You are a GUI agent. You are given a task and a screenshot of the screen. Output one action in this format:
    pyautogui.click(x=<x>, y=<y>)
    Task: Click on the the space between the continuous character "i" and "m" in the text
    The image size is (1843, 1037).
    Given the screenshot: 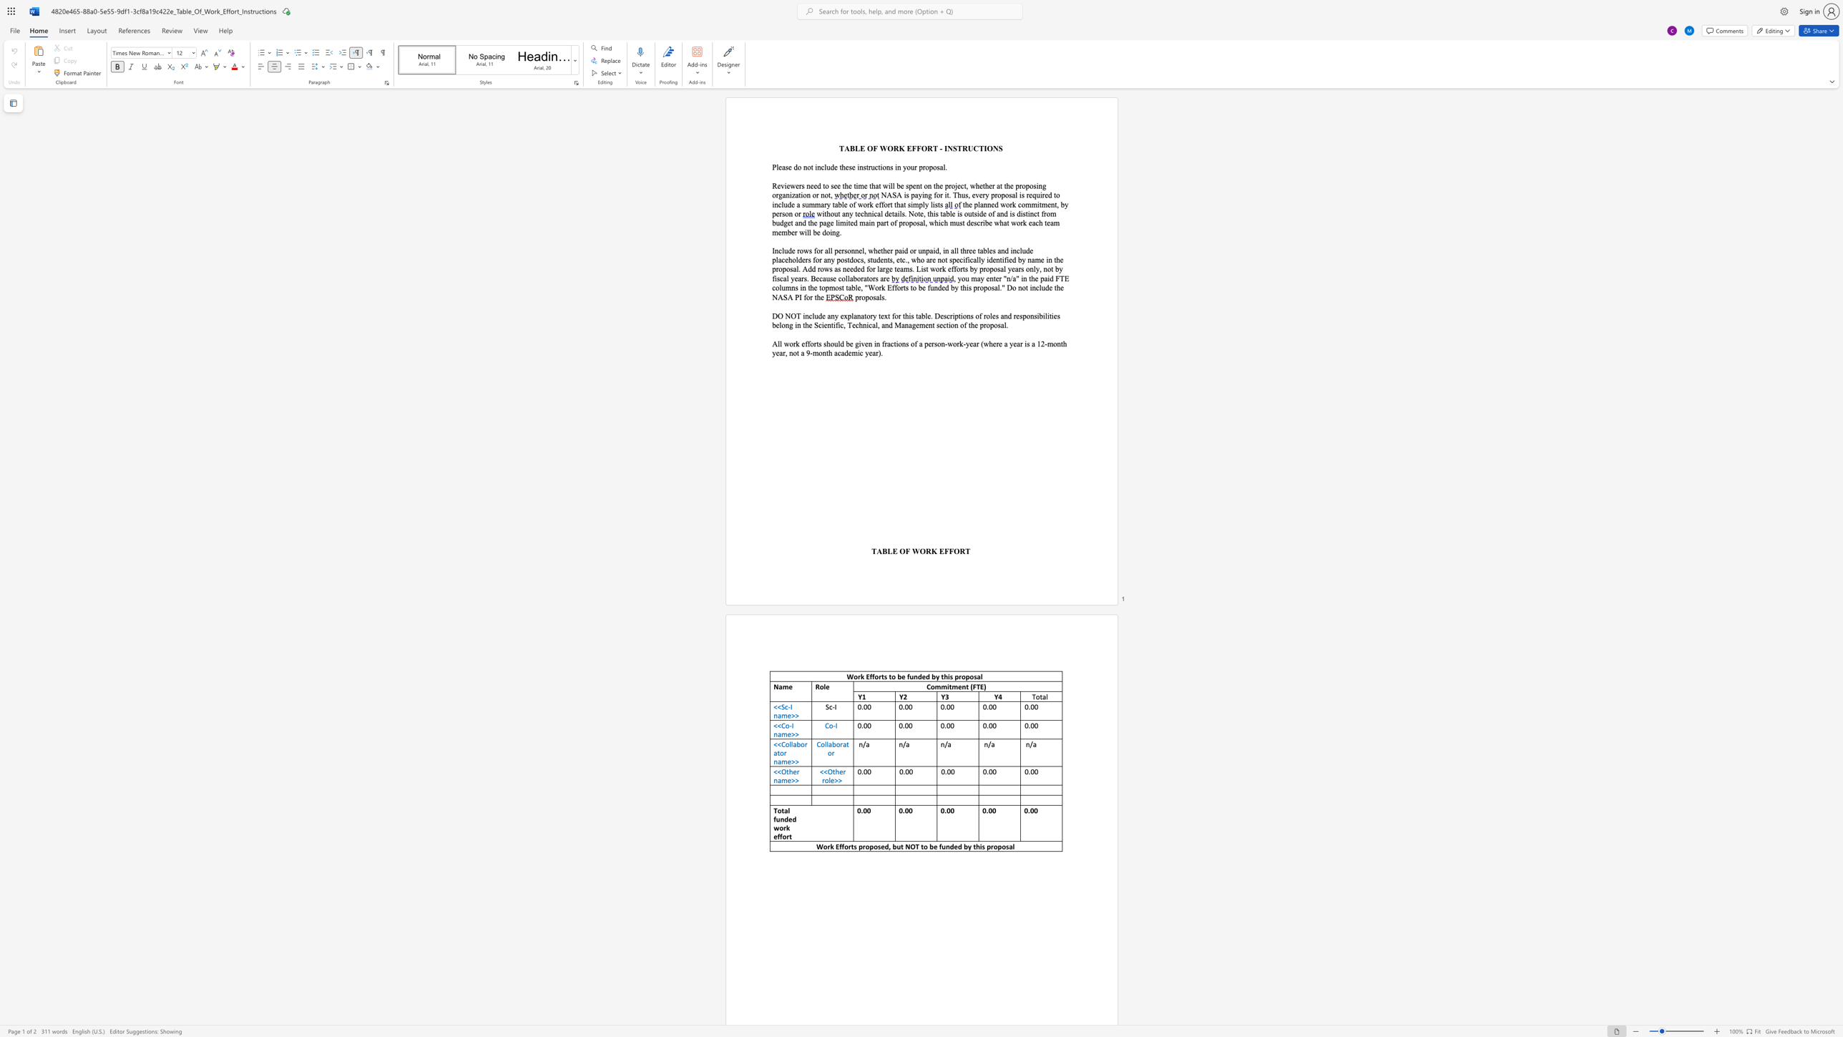 What is the action you would take?
    pyautogui.click(x=913, y=203)
    